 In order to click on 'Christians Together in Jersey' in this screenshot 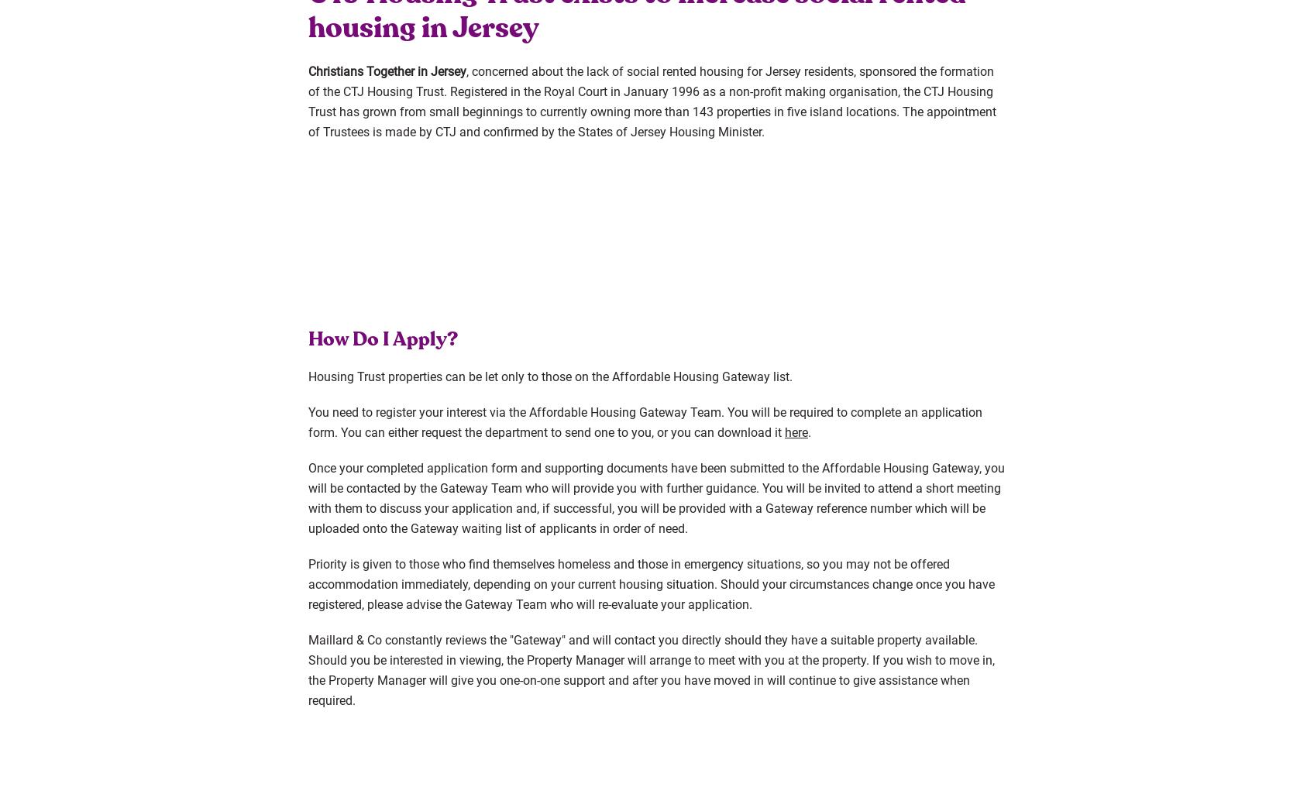, I will do `click(308, 70)`.